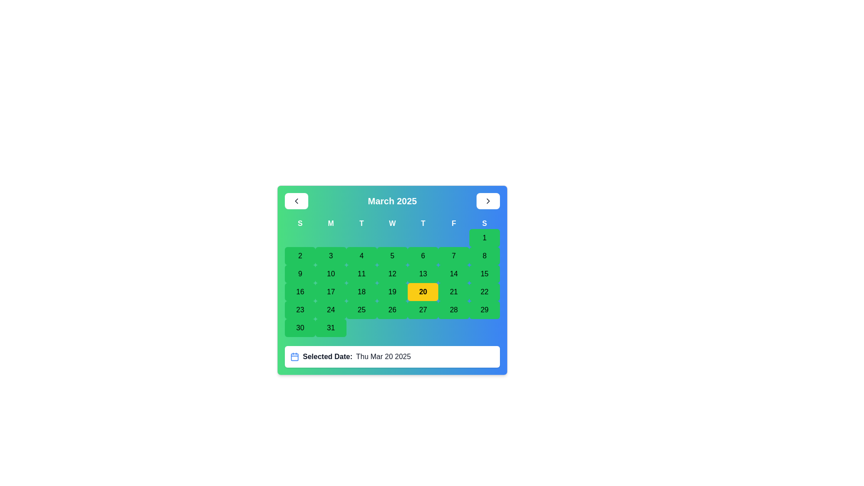  Describe the element at coordinates (454, 237) in the screenshot. I see `the decorative placeholder box in the first row and sixth column of the grid under the calendar interface` at that location.